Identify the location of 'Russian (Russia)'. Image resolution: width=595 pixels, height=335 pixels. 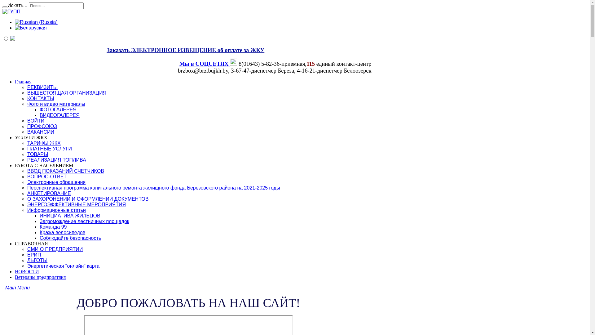
(36, 22).